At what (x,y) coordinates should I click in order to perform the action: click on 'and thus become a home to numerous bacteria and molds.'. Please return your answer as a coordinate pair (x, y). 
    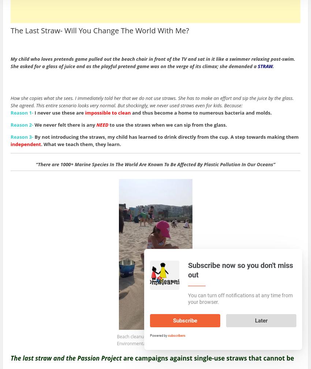
    Looking at the image, I should click on (201, 112).